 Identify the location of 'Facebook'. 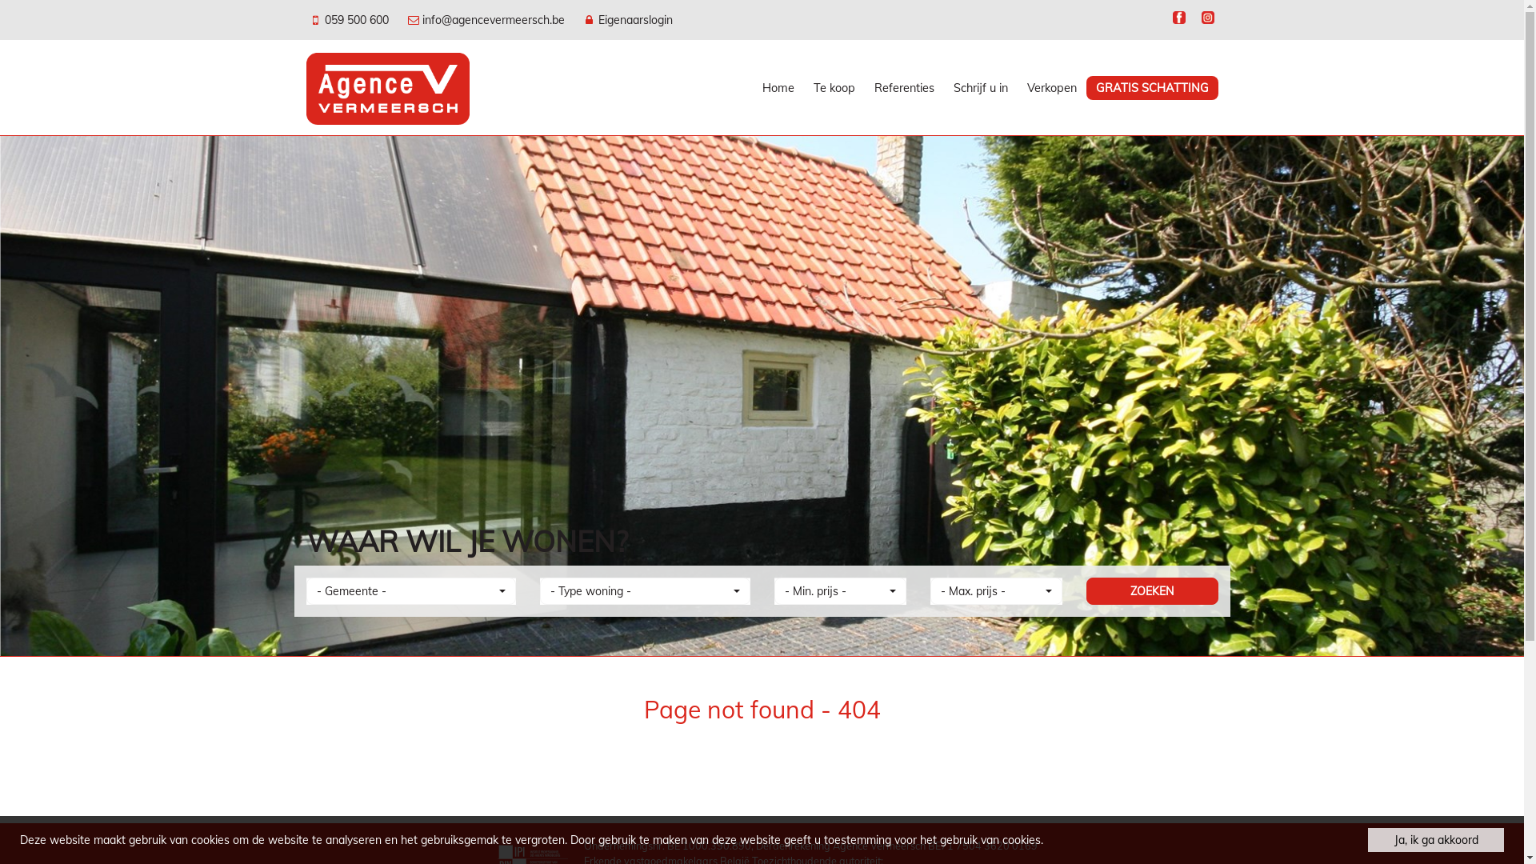
(1178, 19).